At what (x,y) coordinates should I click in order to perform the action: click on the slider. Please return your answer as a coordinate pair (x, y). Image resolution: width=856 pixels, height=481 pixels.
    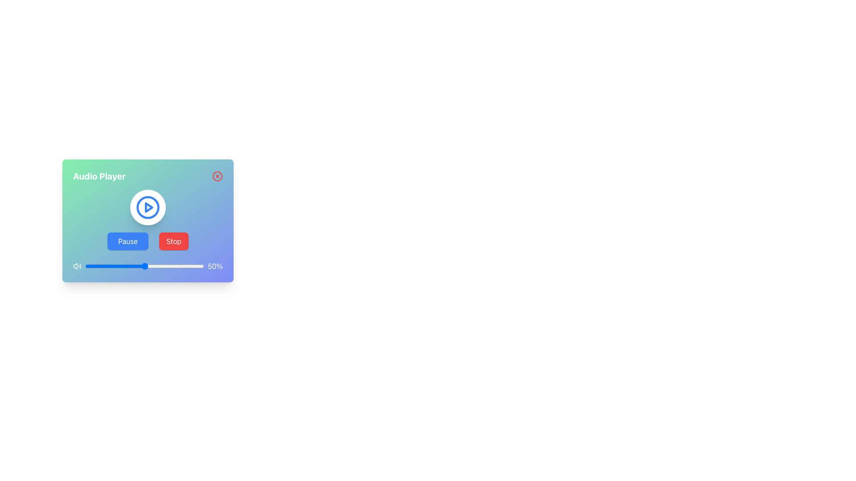
    Looking at the image, I should click on (93, 265).